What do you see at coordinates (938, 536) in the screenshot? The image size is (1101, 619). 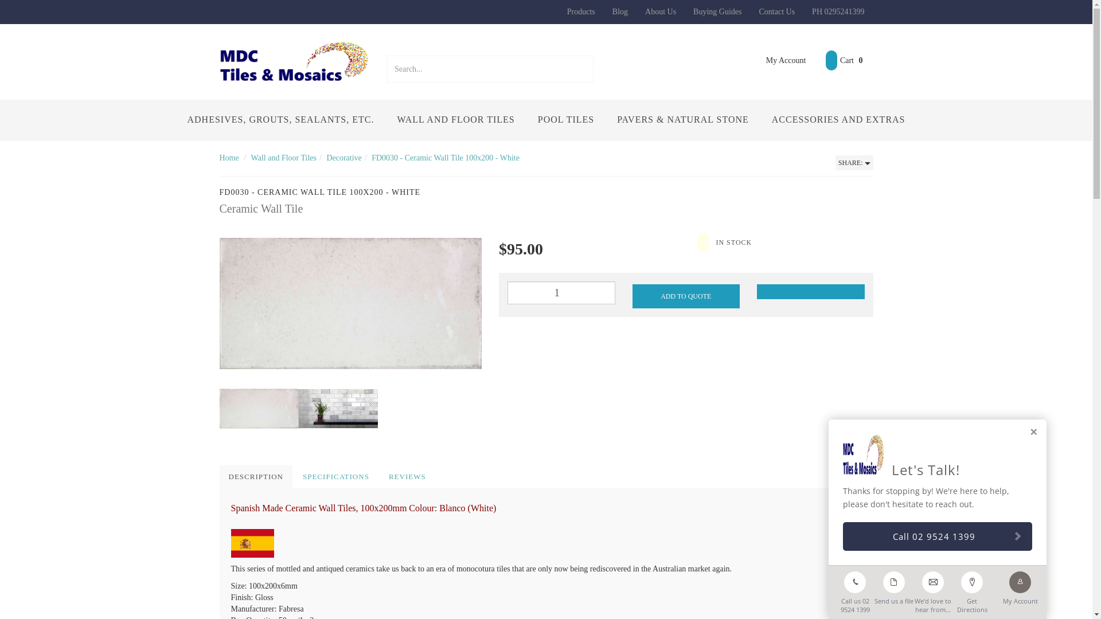 I see `'Call 02 9524 1399'` at bounding box center [938, 536].